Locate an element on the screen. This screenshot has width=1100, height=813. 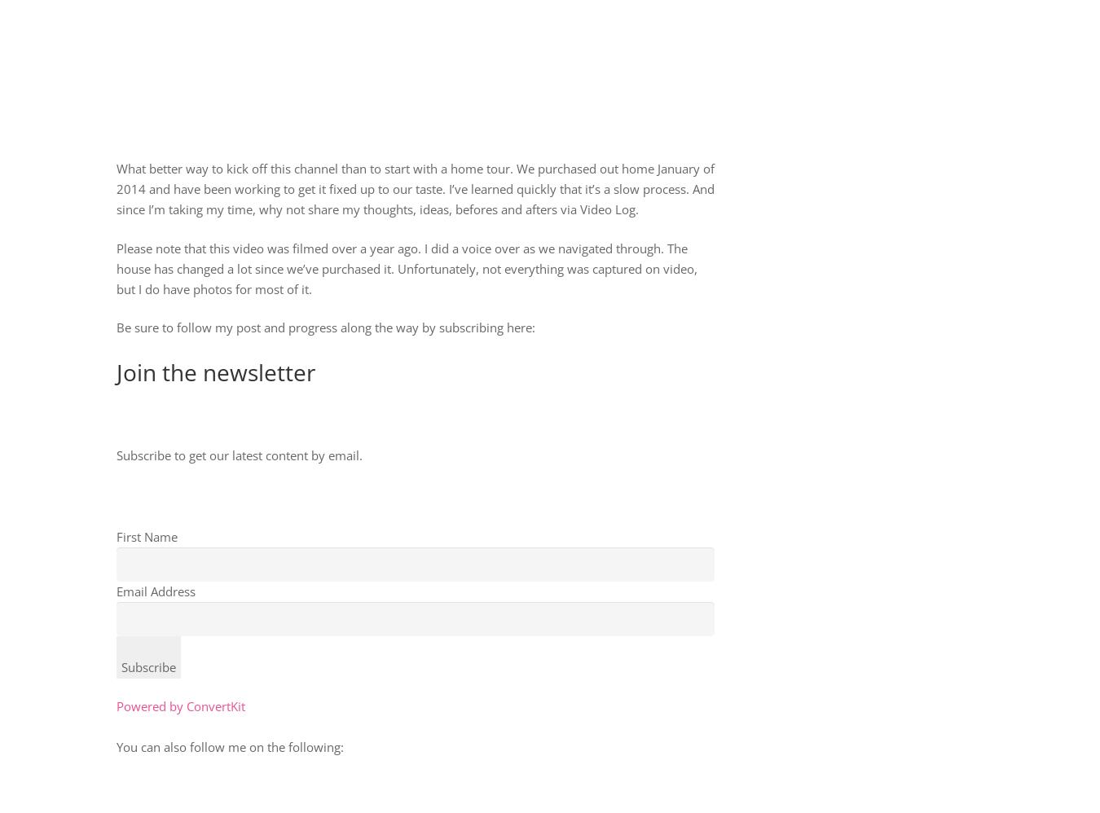
'You can also follow me on the following:' is located at coordinates (116, 746).